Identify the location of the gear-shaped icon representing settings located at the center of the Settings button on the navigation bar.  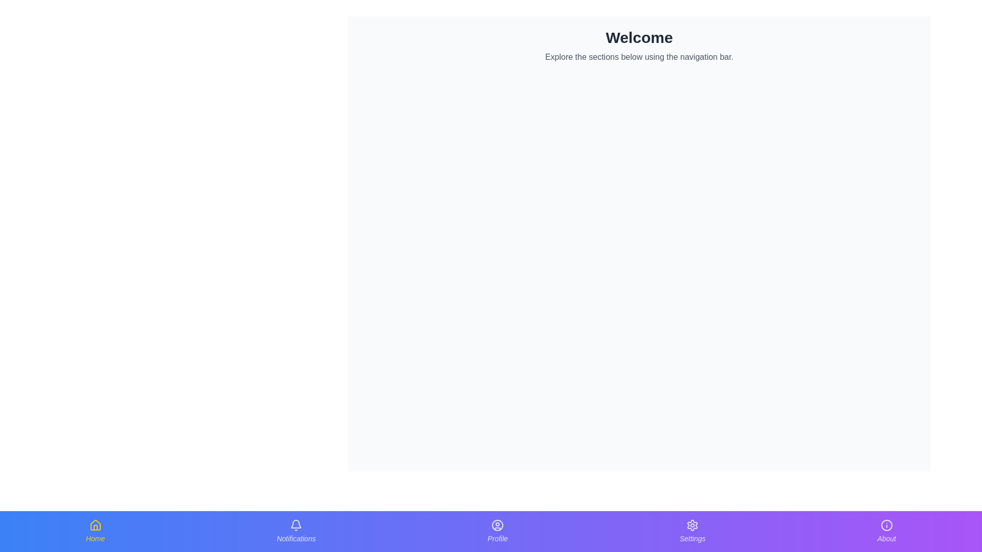
(693, 525).